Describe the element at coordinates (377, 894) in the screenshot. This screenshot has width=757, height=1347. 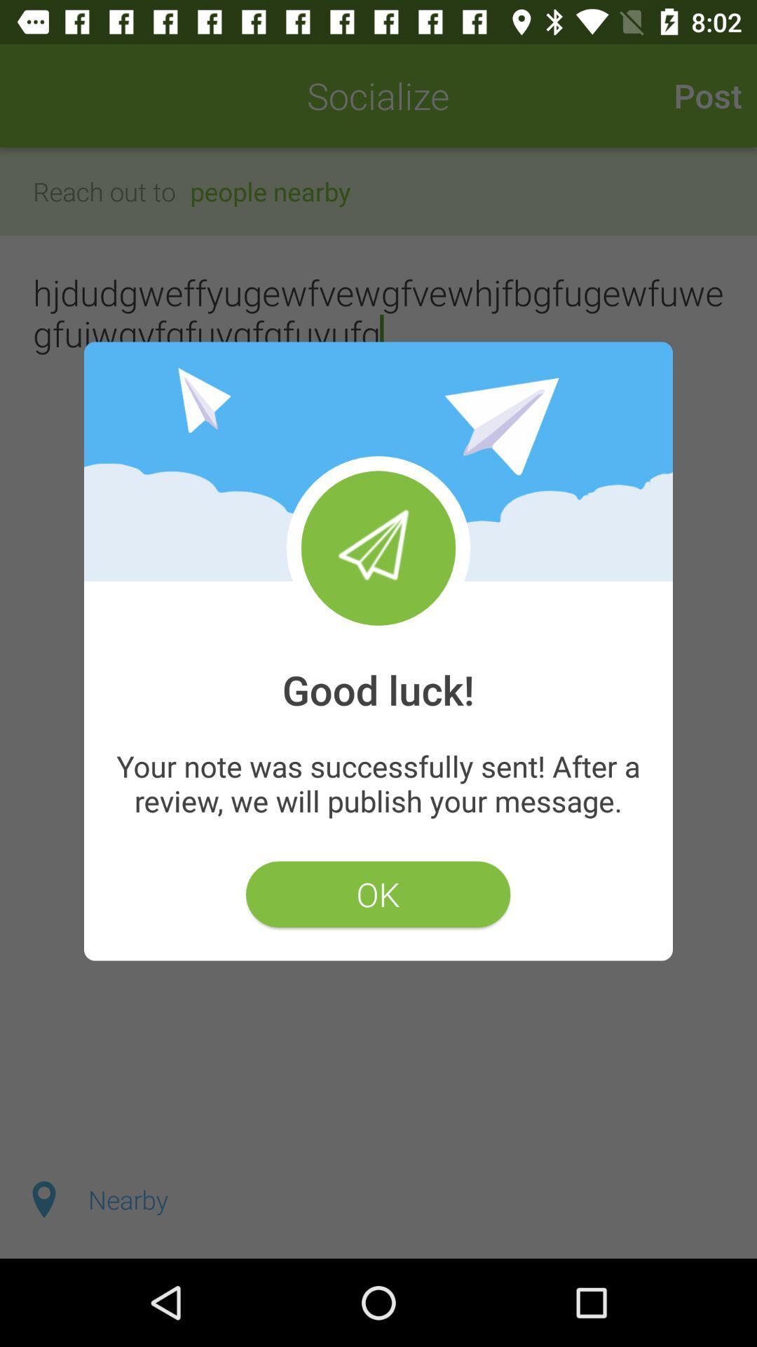
I see `ok icon` at that location.